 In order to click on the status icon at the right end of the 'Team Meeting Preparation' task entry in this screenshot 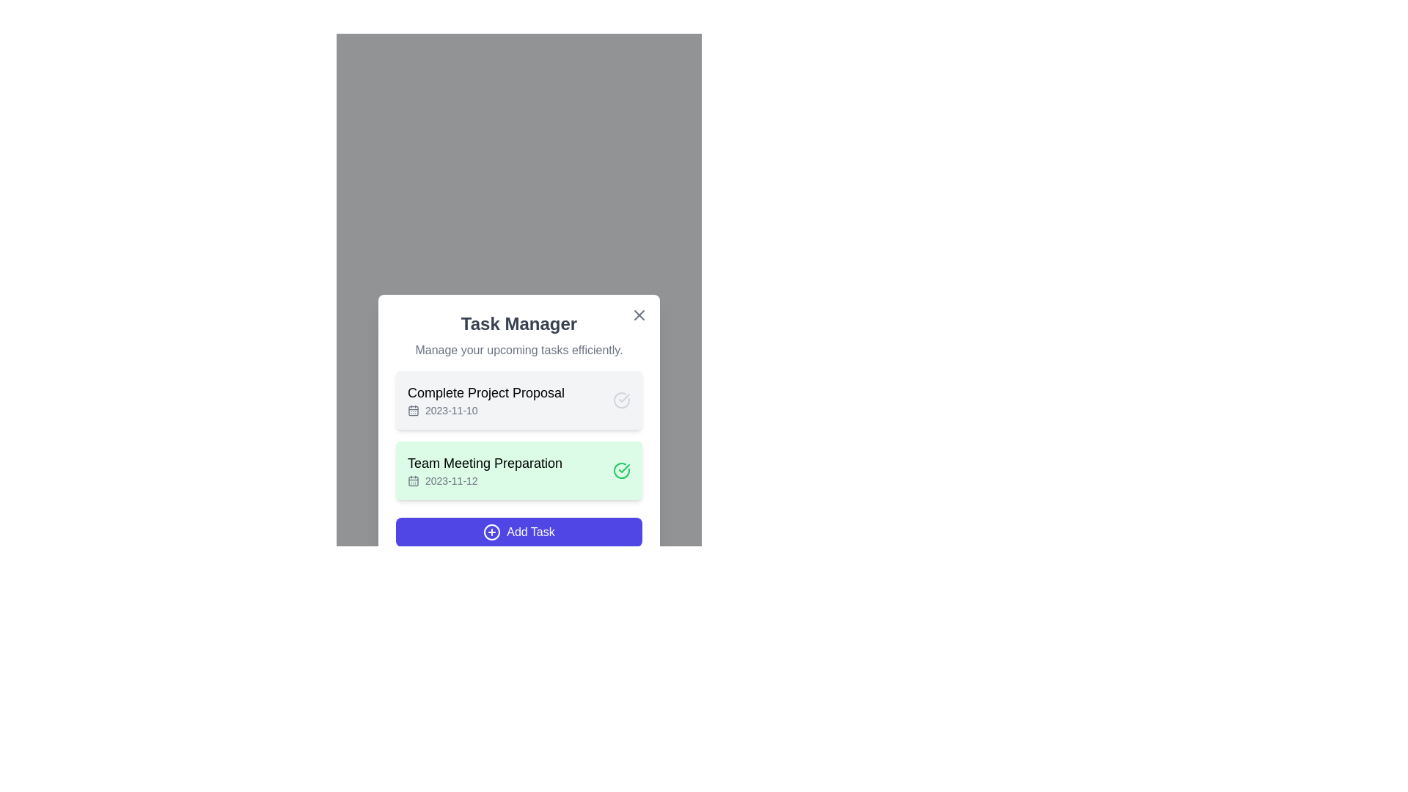, I will do `click(622, 470)`.